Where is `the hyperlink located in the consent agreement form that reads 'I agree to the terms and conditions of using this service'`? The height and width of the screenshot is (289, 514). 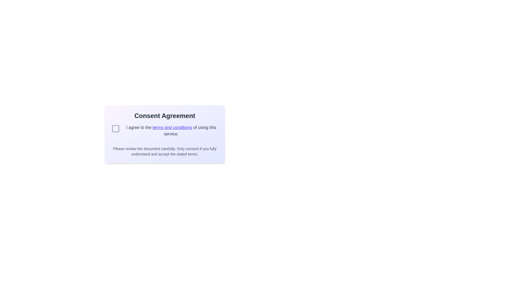
the hyperlink located in the consent agreement form that reads 'I agree to the terms and conditions of using this service' is located at coordinates (172, 127).